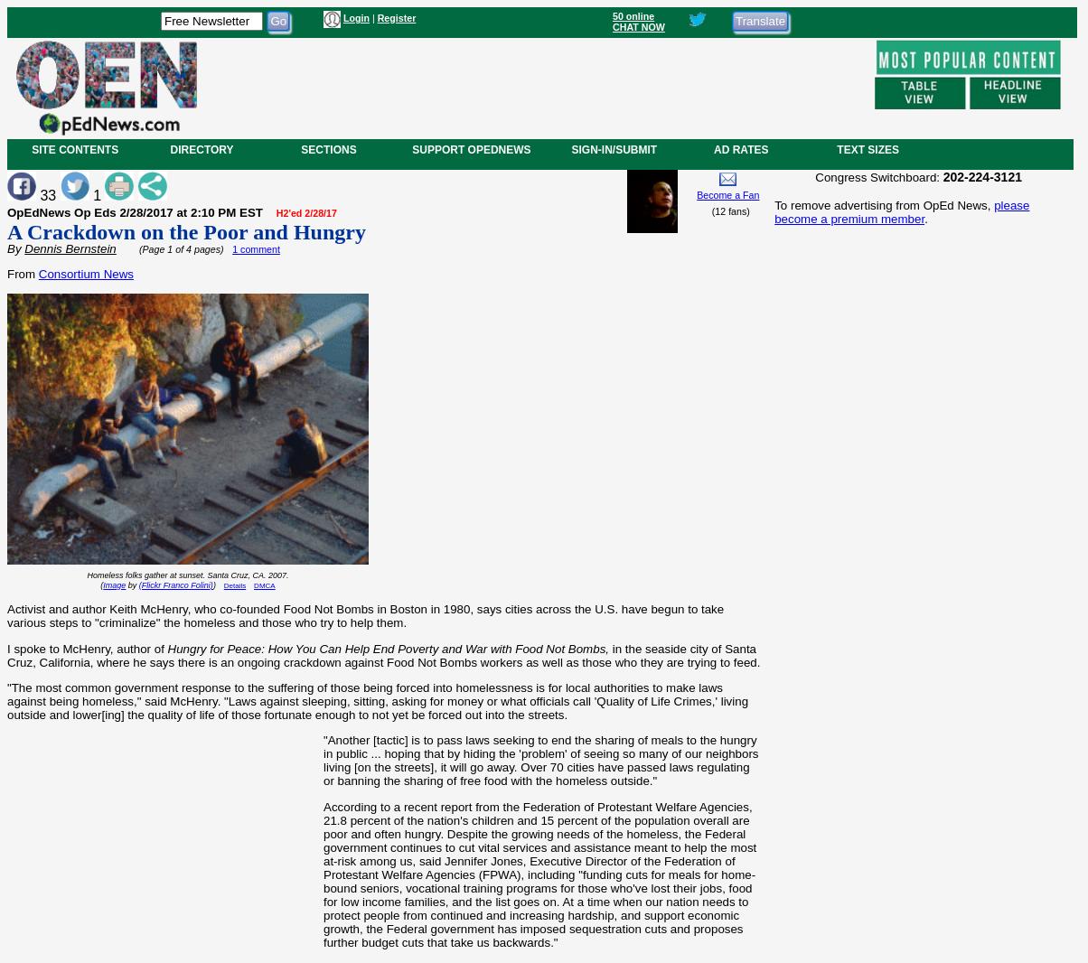  I want to click on '50 online', so click(612, 15).